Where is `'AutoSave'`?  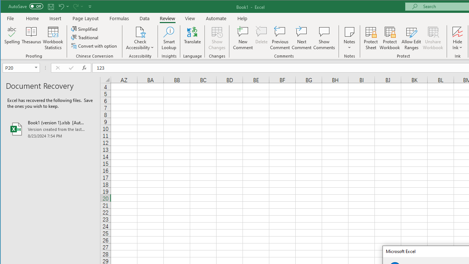
'AutoSave' is located at coordinates (26, 6).